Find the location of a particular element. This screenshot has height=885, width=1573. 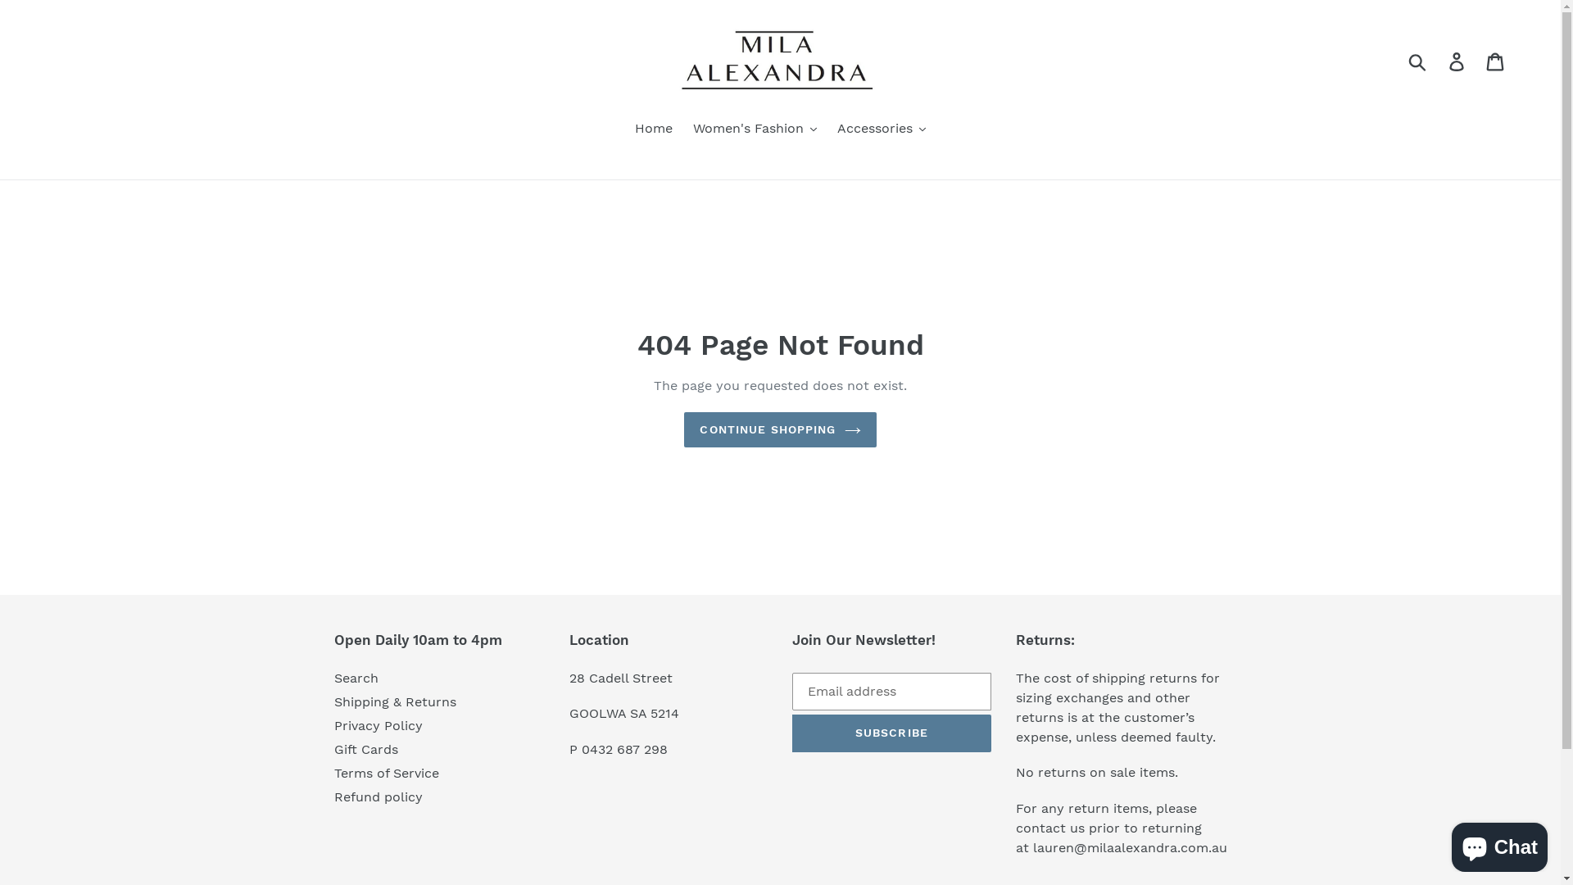

'Gift Cards' is located at coordinates (365, 749).